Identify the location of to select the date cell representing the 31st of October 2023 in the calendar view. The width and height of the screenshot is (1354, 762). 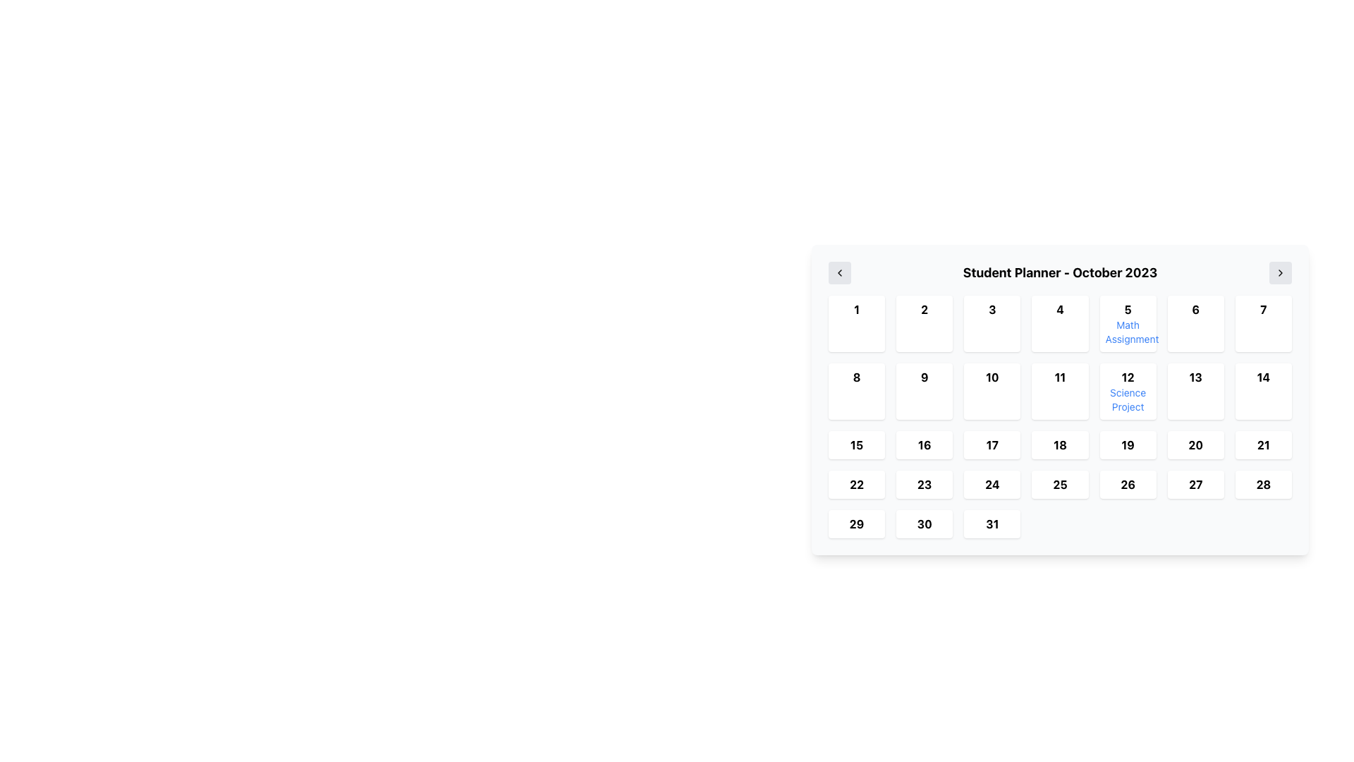
(991, 524).